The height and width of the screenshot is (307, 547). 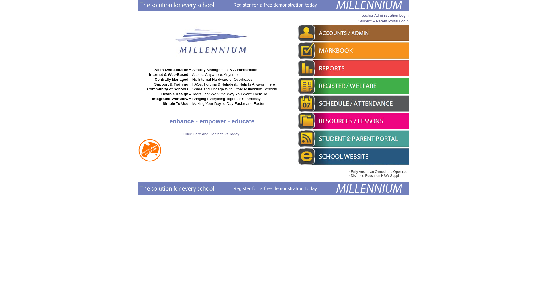 I want to click on 'Click Here and Contact Us Today!', so click(x=212, y=134).